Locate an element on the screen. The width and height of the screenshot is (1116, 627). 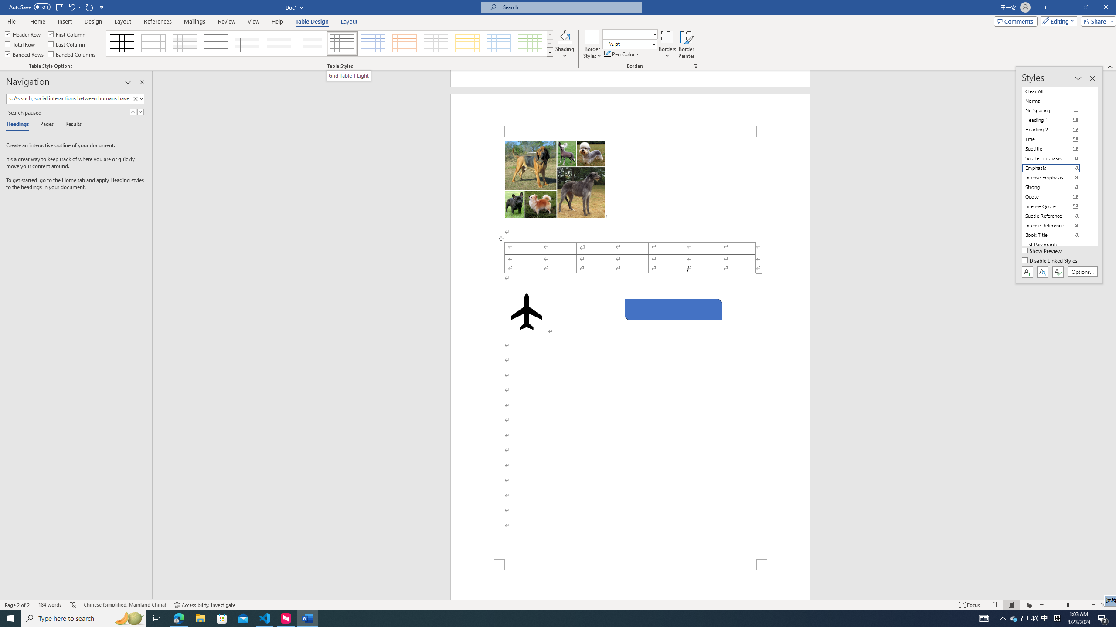
'Disable Linked Styles' is located at coordinates (1050, 260).